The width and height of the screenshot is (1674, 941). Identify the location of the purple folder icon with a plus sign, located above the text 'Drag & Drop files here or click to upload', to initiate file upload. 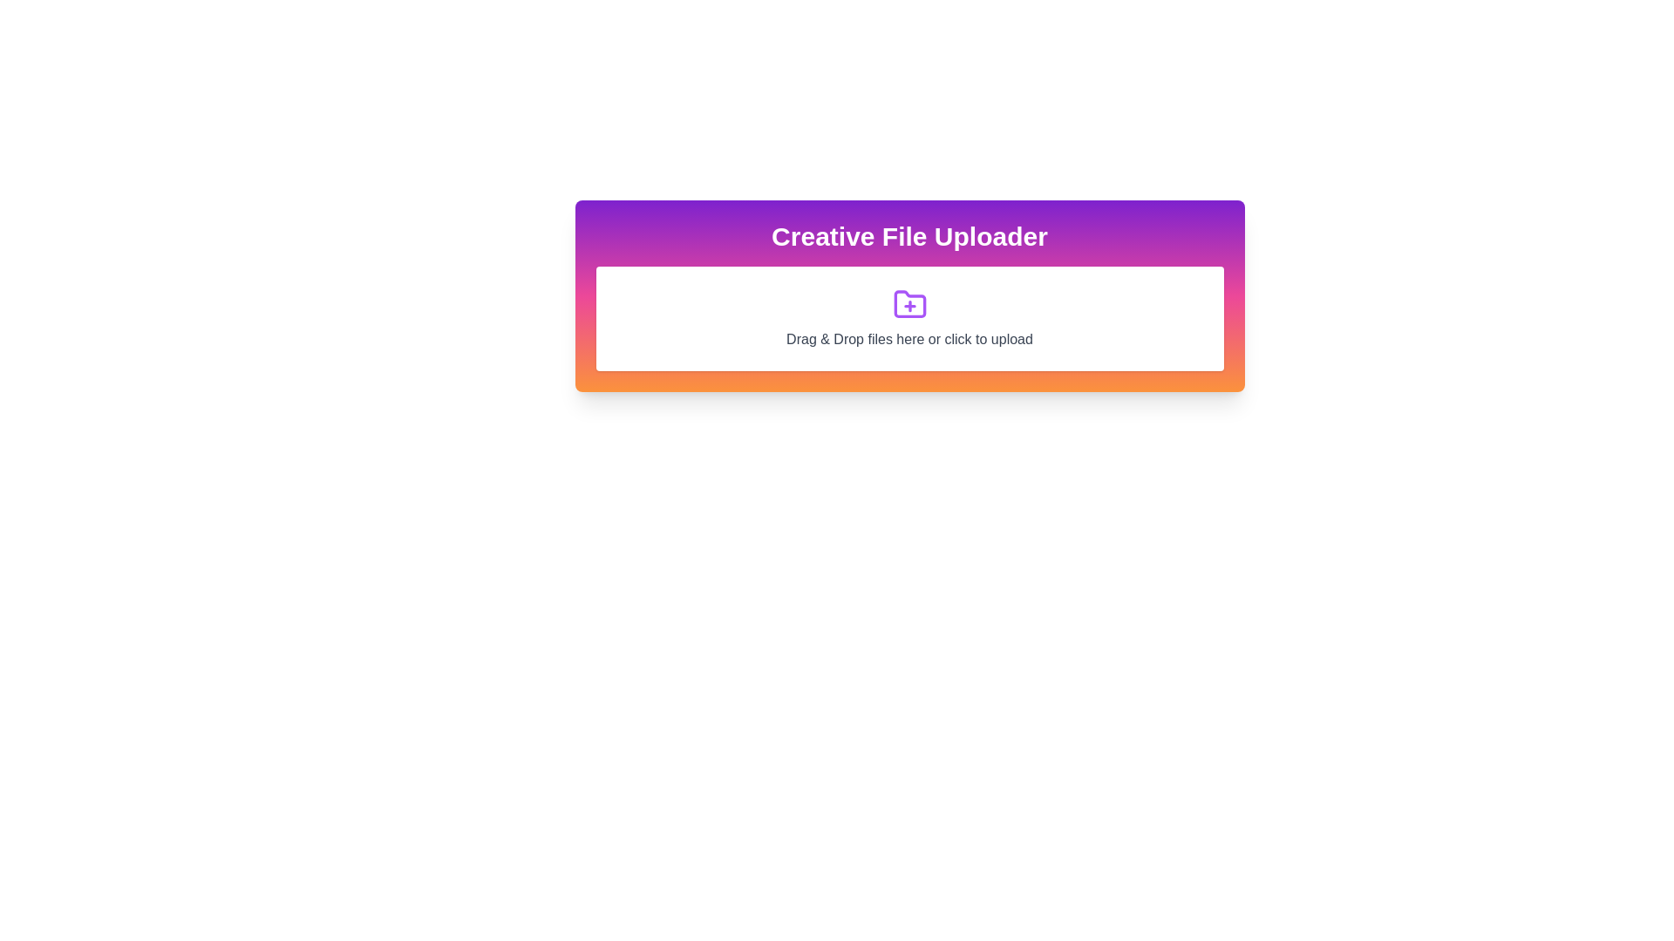
(908, 304).